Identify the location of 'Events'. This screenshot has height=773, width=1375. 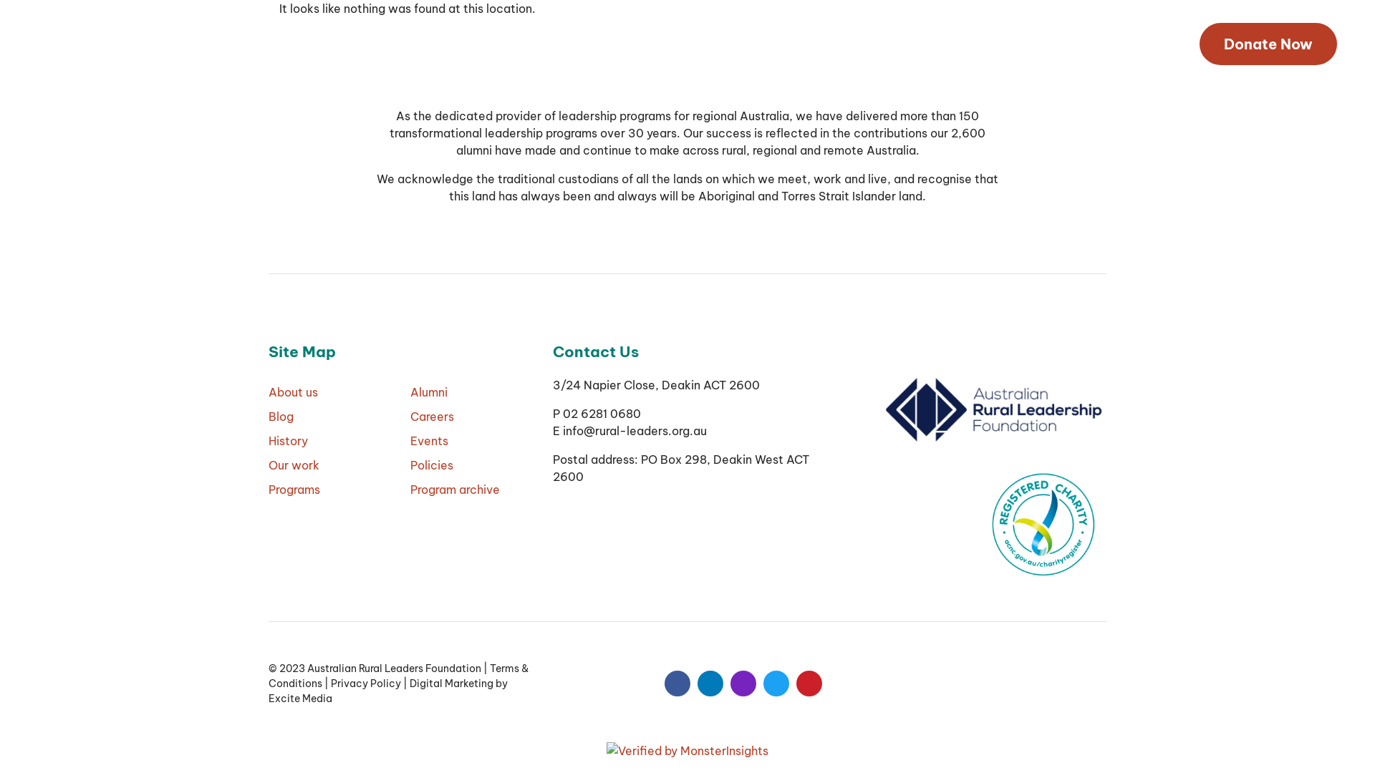
(409, 440).